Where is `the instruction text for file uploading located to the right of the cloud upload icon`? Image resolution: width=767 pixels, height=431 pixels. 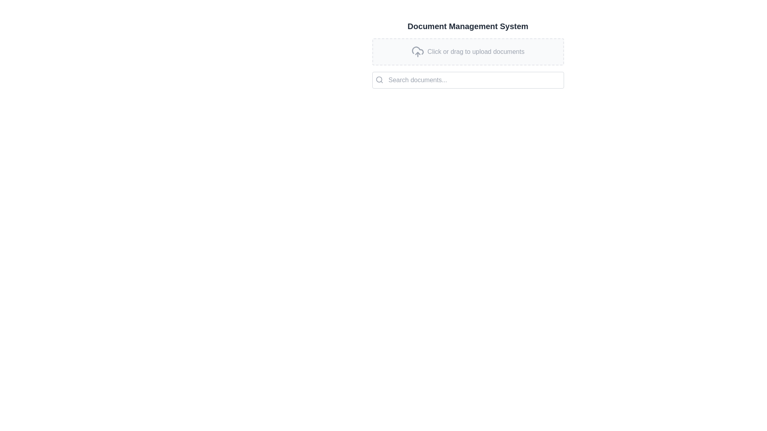 the instruction text for file uploading located to the right of the cloud upload icon is located at coordinates (476, 52).